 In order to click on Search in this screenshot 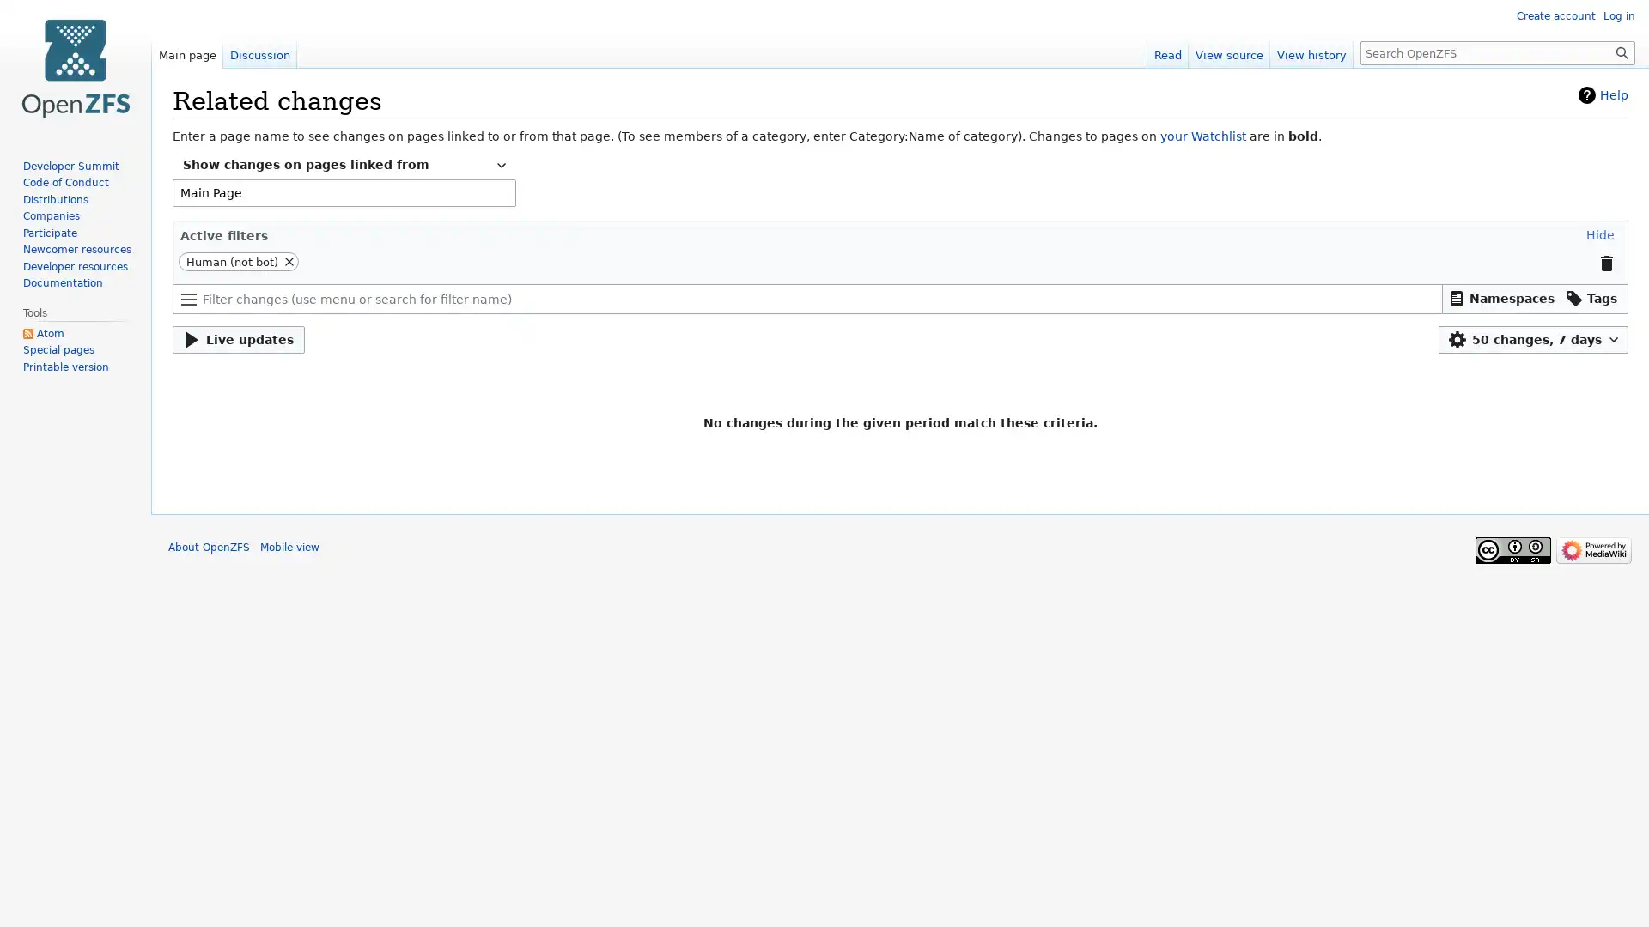, I will do `click(1622, 51)`.